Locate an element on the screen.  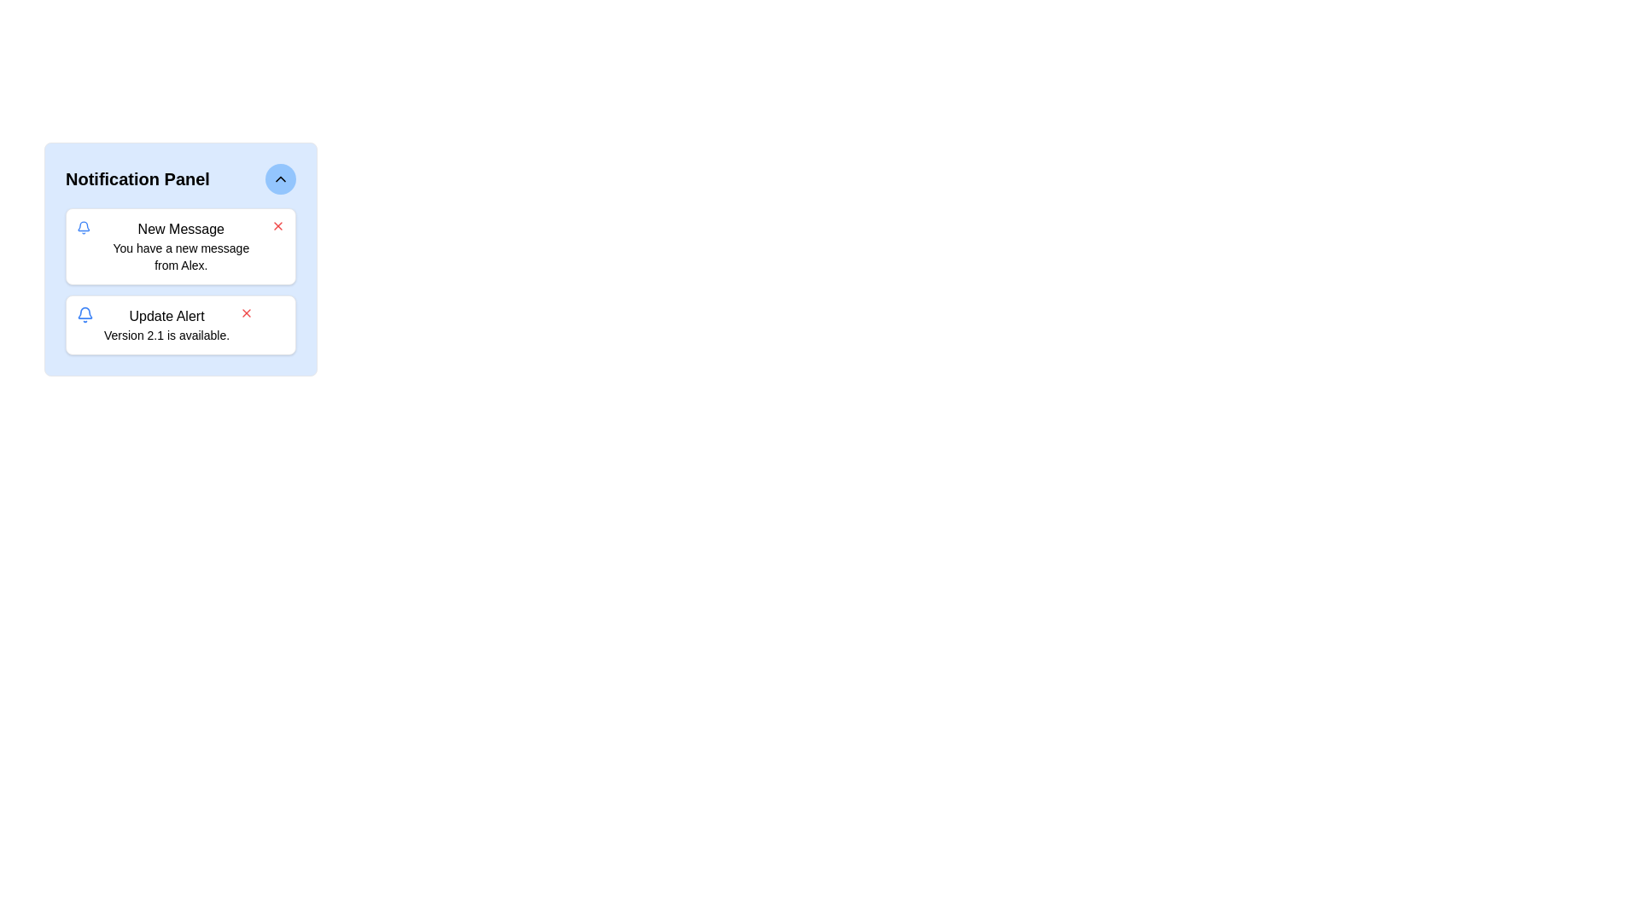
the Notification card that informs about a new message from Alex, which is the top notification in the panel is located at coordinates (181, 247).